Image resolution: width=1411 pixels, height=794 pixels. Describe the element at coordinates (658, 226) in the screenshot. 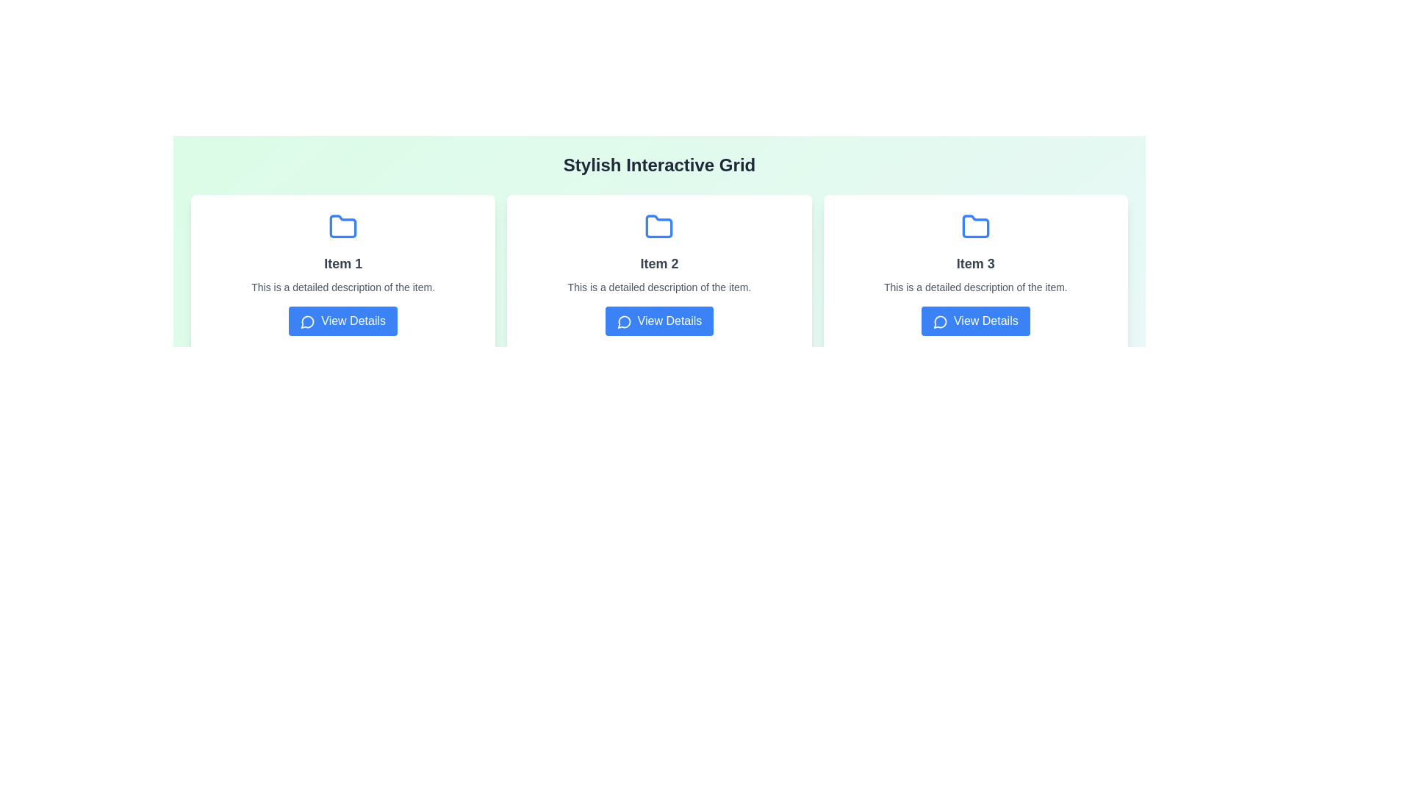

I see `the decorative Icon sub-component of the folder icon located under the header 'Item 2' in the middle section of the interface` at that location.